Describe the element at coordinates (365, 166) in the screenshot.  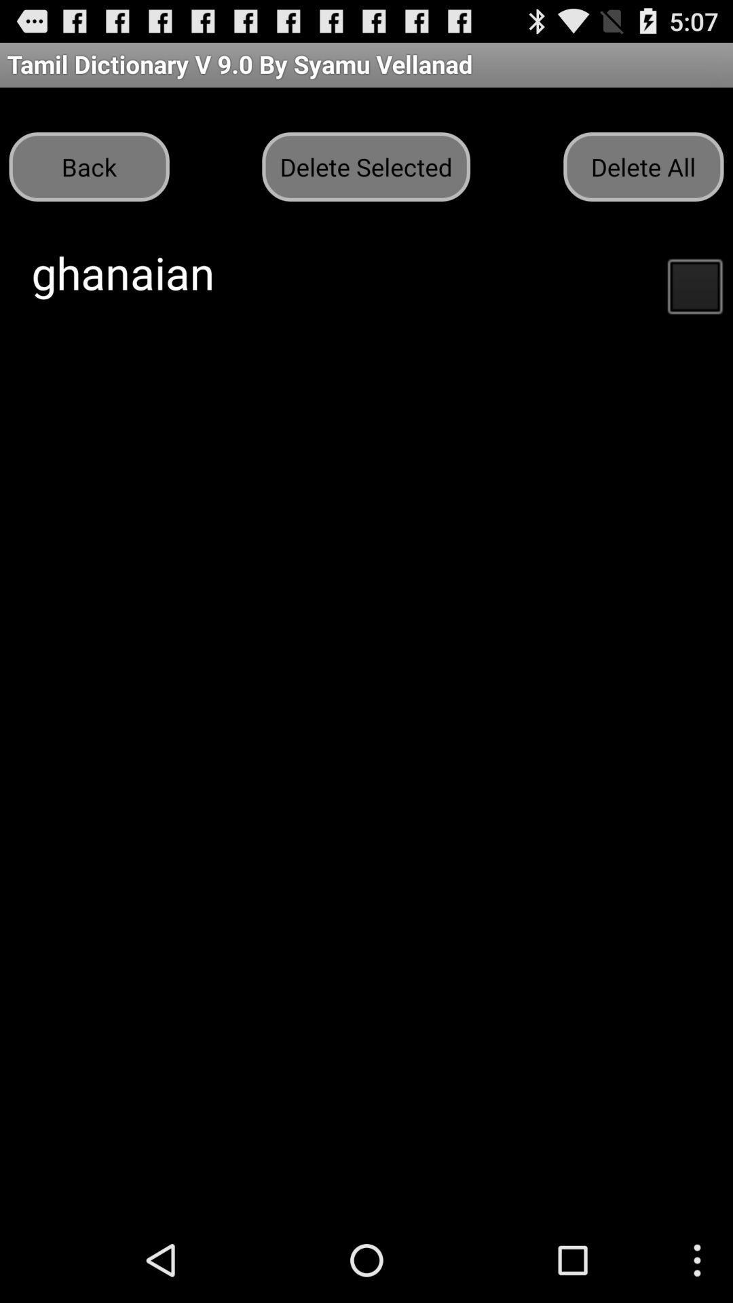
I see `the icon below the tamil dictionary v item` at that location.